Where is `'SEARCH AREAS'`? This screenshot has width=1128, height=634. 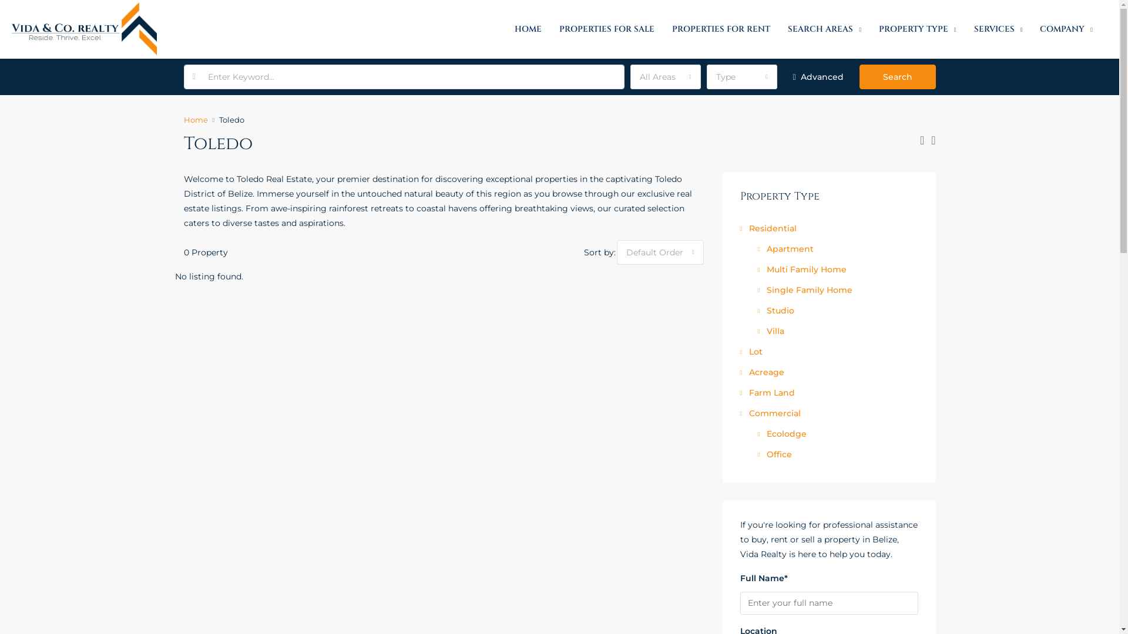
'SEARCH AREAS' is located at coordinates (824, 29).